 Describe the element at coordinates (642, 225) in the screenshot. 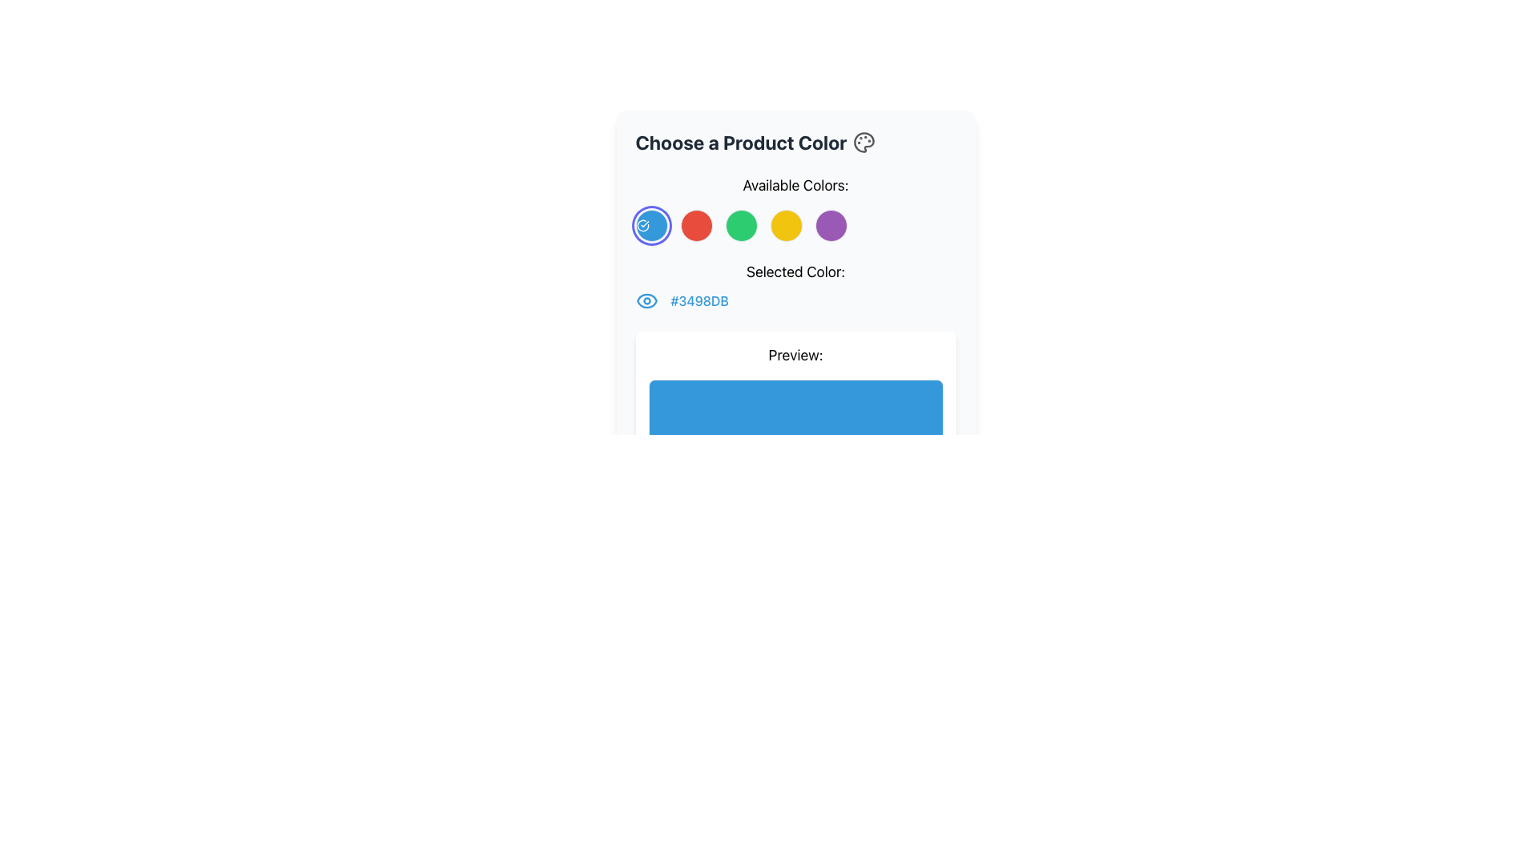

I see `the circular icon with a white check mark on a blue background, which is the first item in the row under 'Available Colors:'` at that location.